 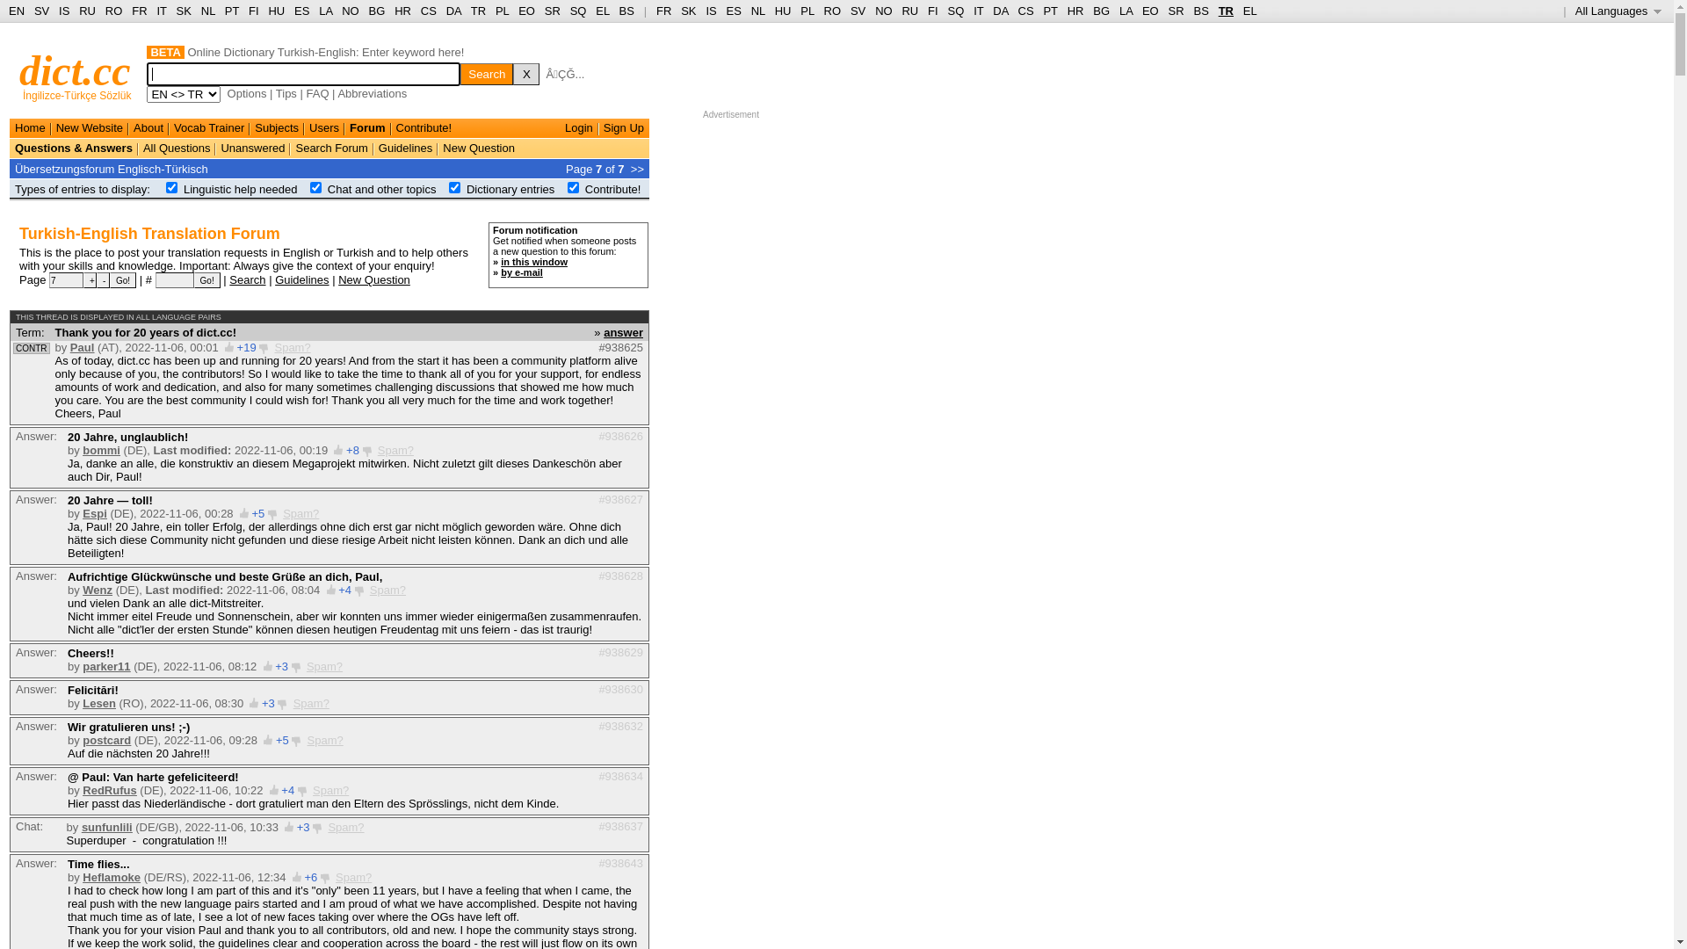 What do you see at coordinates (96, 590) in the screenshot?
I see `'Wenz'` at bounding box center [96, 590].